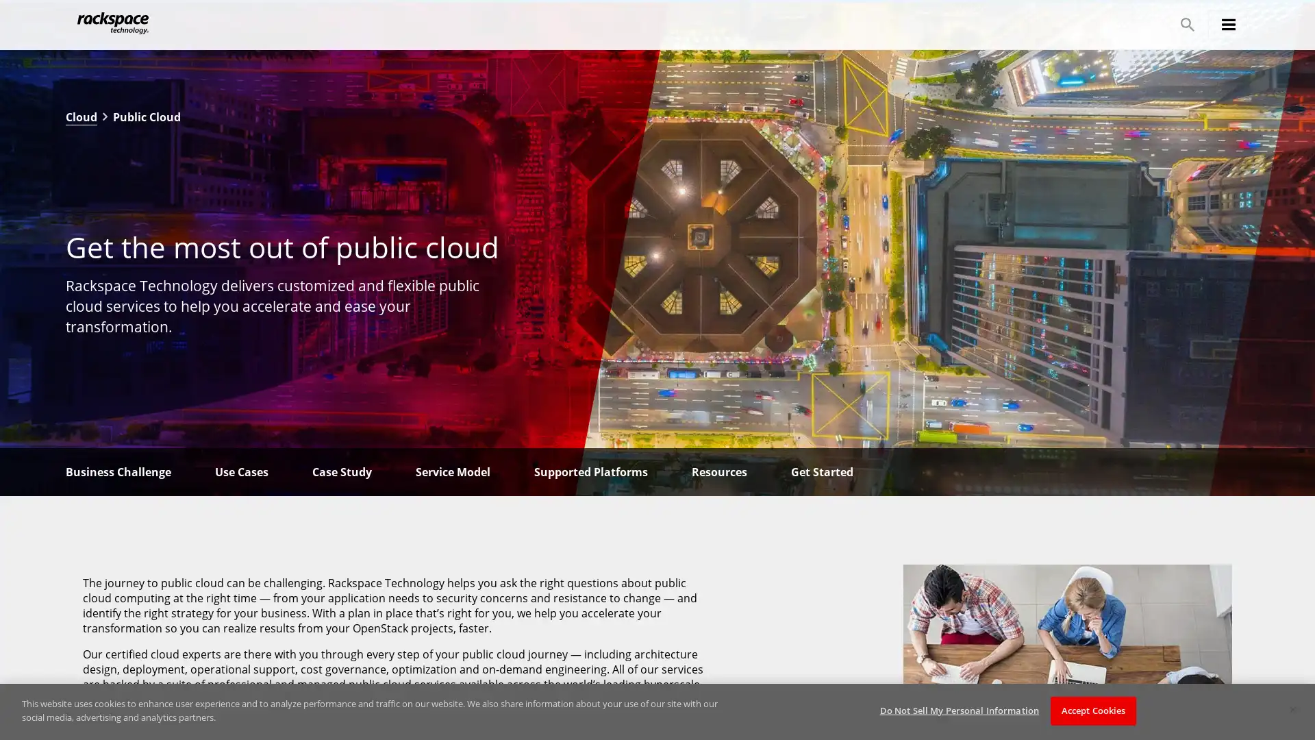 This screenshot has width=1315, height=740. I want to click on Do Not Sell My Personal Information, so click(958, 710).